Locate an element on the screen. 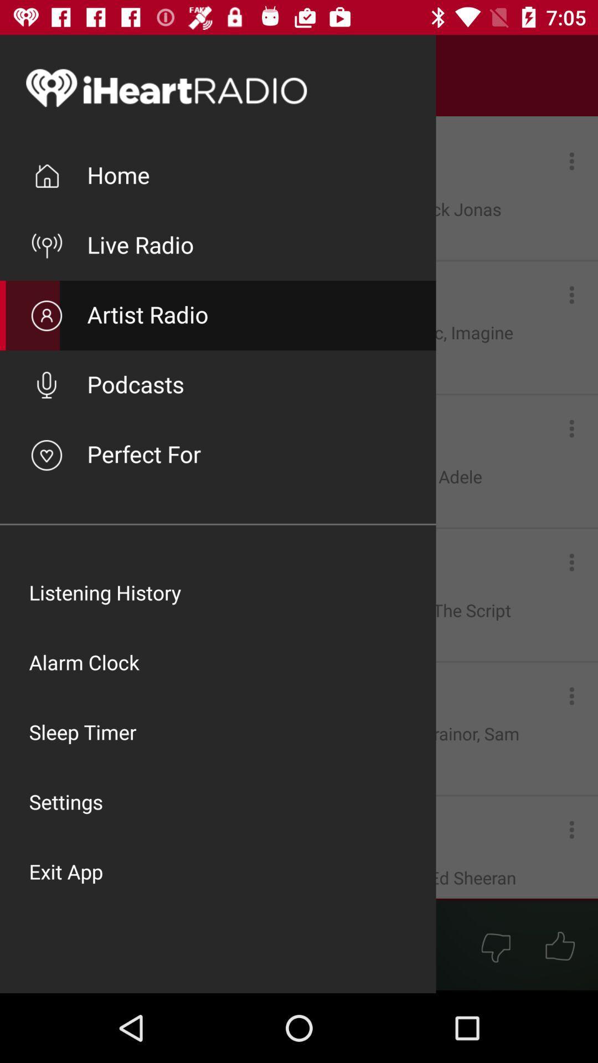 This screenshot has height=1063, width=598. the thumbs_up icon is located at coordinates (560, 946).